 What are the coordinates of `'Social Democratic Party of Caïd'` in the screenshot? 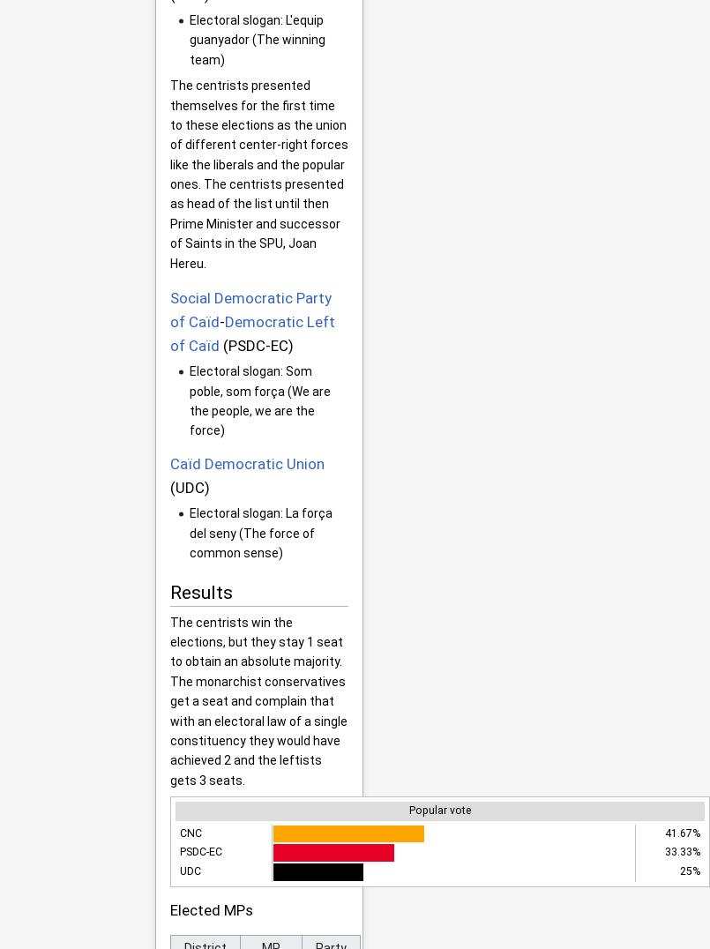 It's located at (250, 310).